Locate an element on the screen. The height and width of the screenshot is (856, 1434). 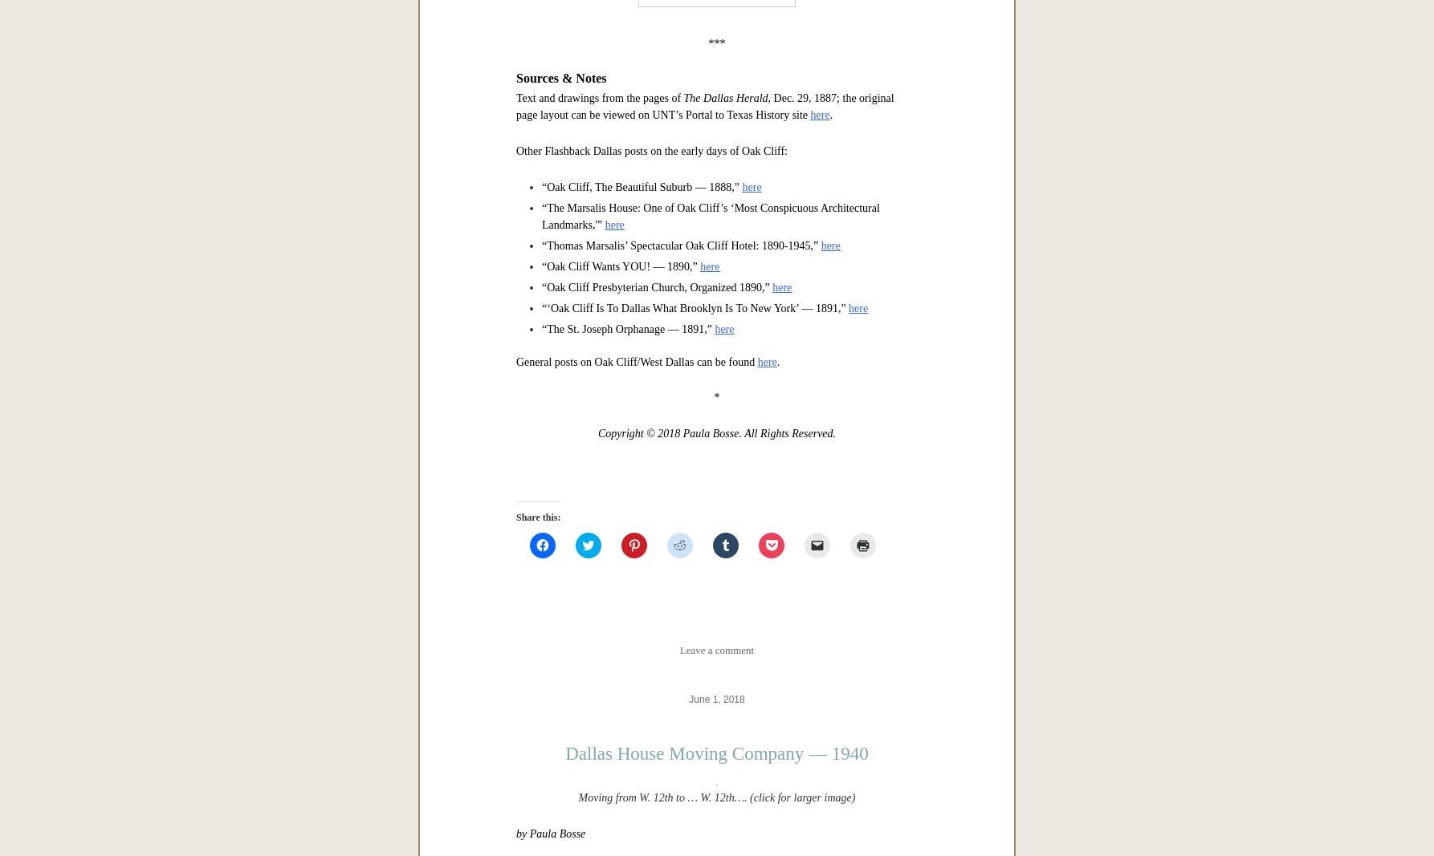
'“Thomas Marsalis’ Spectacular Oak Cliff Hotel: 1890-1945,”' is located at coordinates (541, 748).